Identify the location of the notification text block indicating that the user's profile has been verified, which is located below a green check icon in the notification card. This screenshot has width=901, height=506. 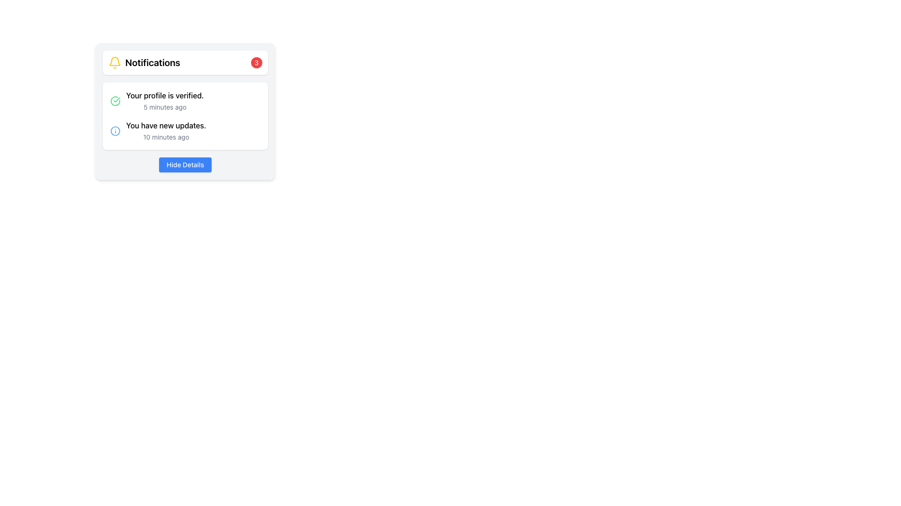
(165, 101).